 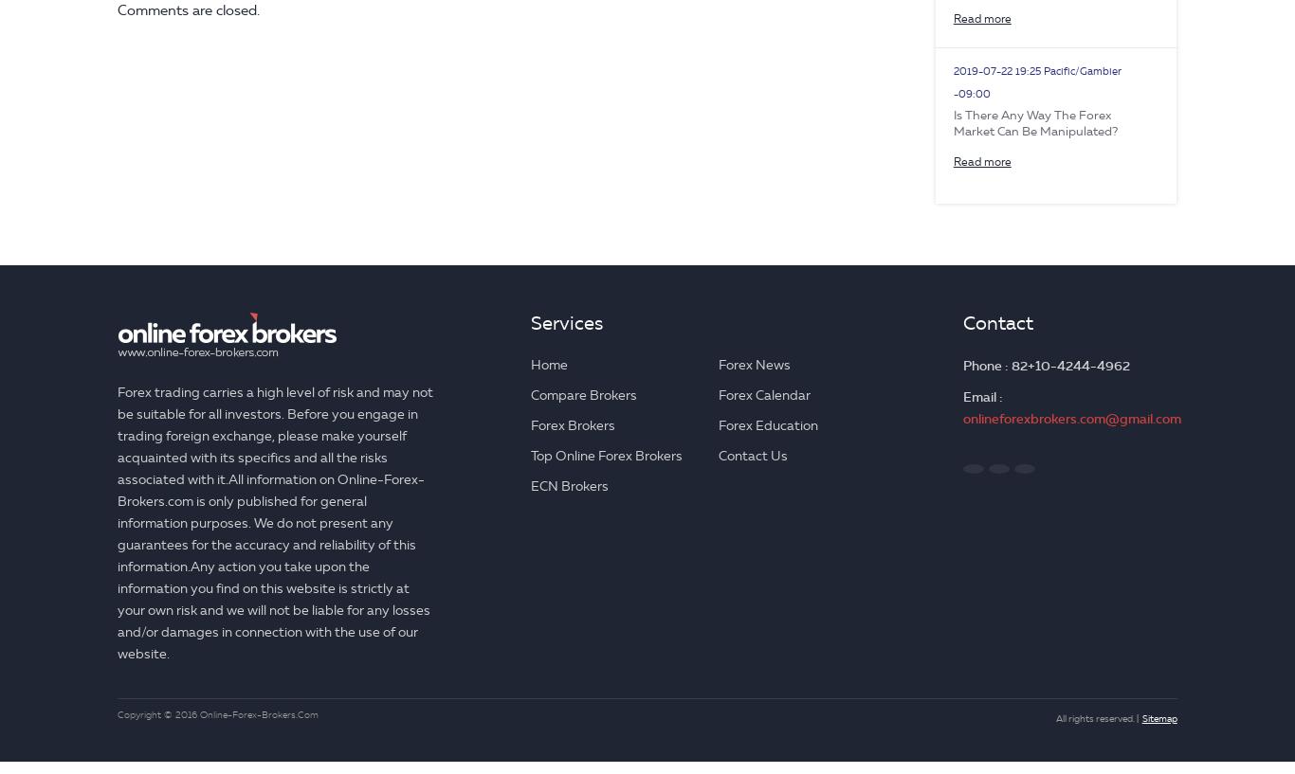 I want to click on 'Forex trading carries a high level of risk and may not be suitable for all investors. Before you engage in trading foreign exchange, please make yourself acquainted with its specifics and all the risks associated with it.All information on Online-Forex-Brokers.com is only published for general information purposes. We do not present any guarantees for the accuracy and reliability of this information.Any action you take upon the information you find on this website is strictly at your own risk and we will not be liable for any losses and/or damages in connection with the use of our website.', so click(x=275, y=522).